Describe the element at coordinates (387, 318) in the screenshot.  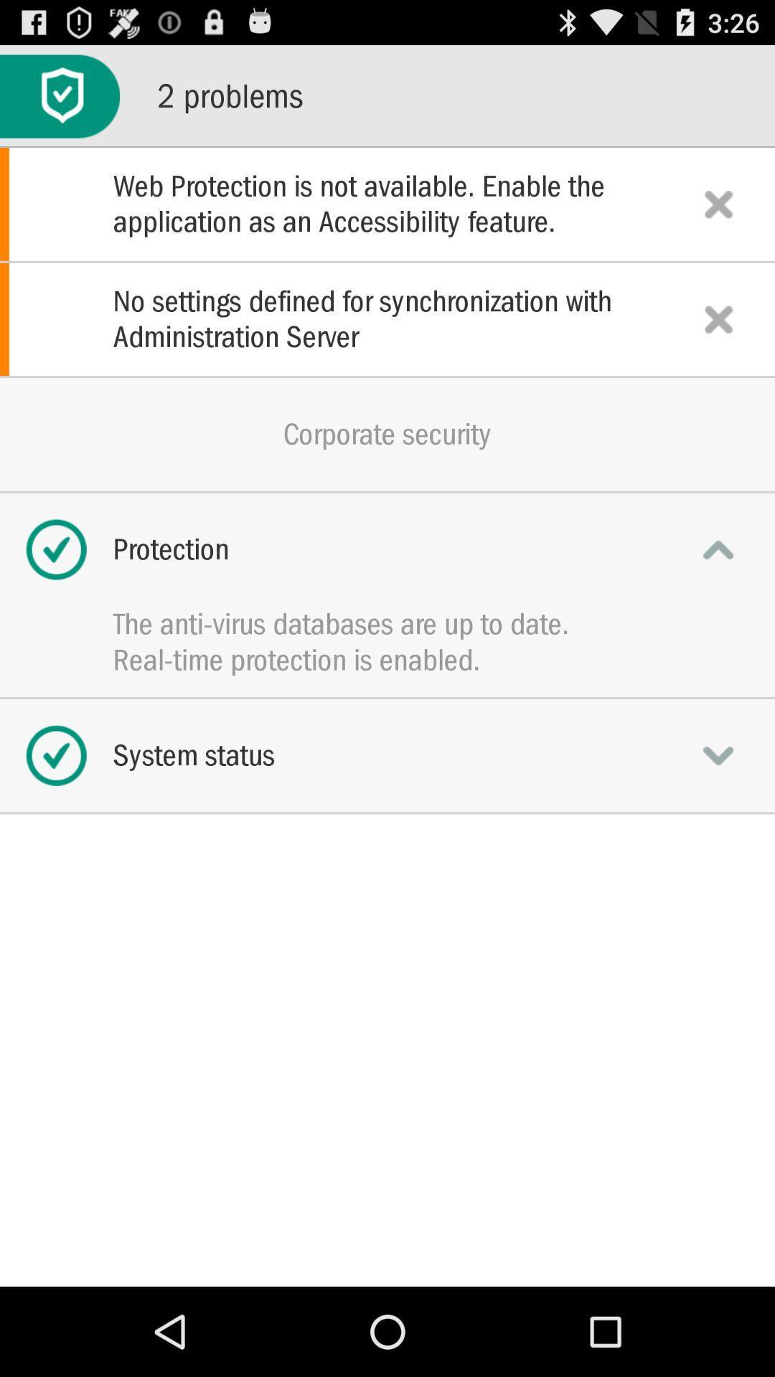
I see `the no settings defined app` at that location.